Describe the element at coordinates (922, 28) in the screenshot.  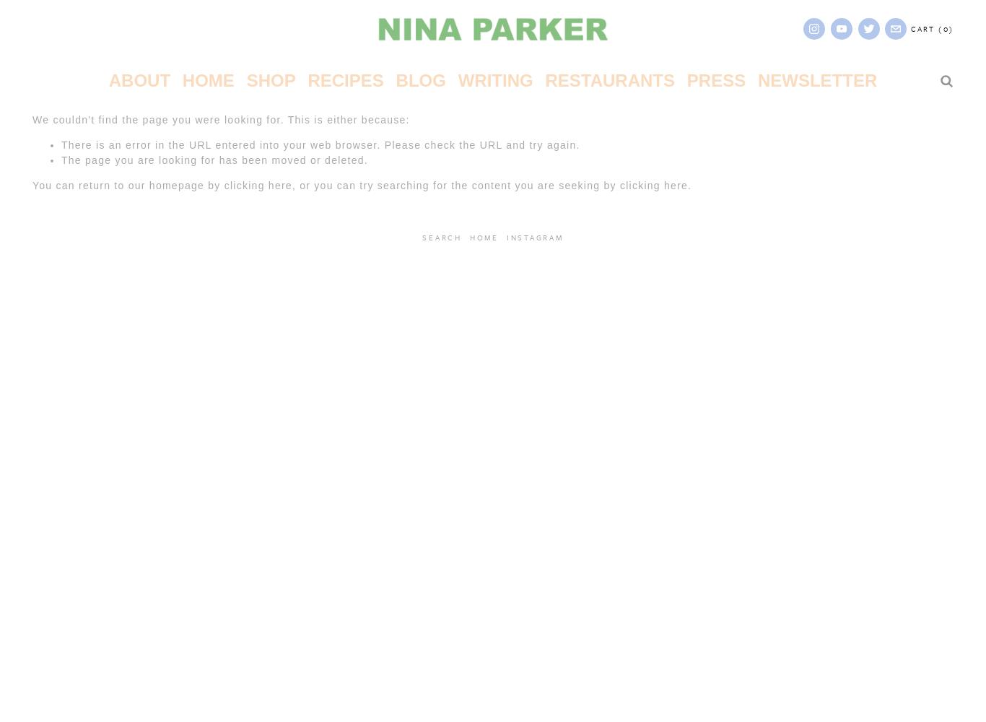
I see `'Cart'` at that location.